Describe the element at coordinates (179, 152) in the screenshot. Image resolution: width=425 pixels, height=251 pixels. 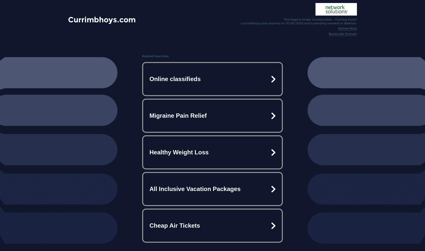
I see `'Healthy Weight Loss'` at that location.